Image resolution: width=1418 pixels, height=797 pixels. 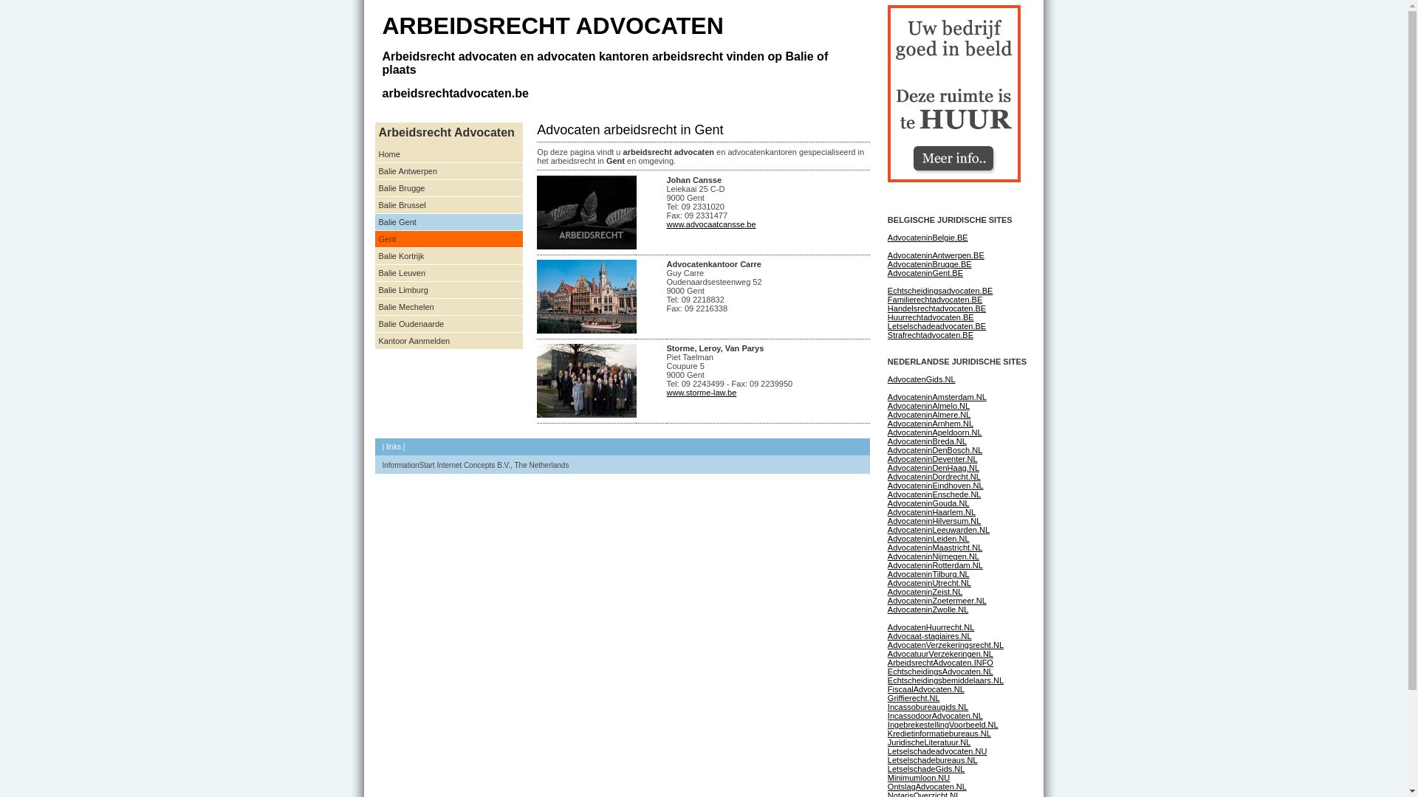 I want to click on 'www.advocaatcansse.be', so click(x=710, y=224).